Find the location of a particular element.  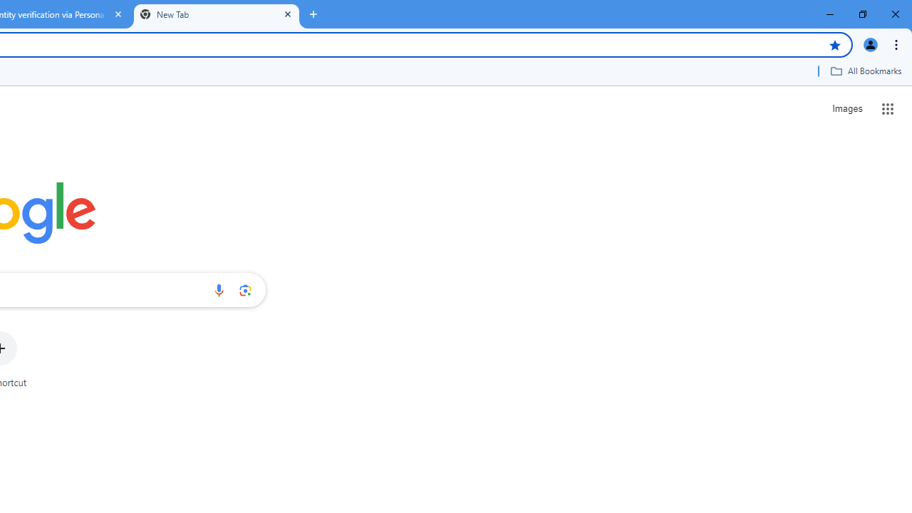

'Chrome' is located at coordinates (897, 43).